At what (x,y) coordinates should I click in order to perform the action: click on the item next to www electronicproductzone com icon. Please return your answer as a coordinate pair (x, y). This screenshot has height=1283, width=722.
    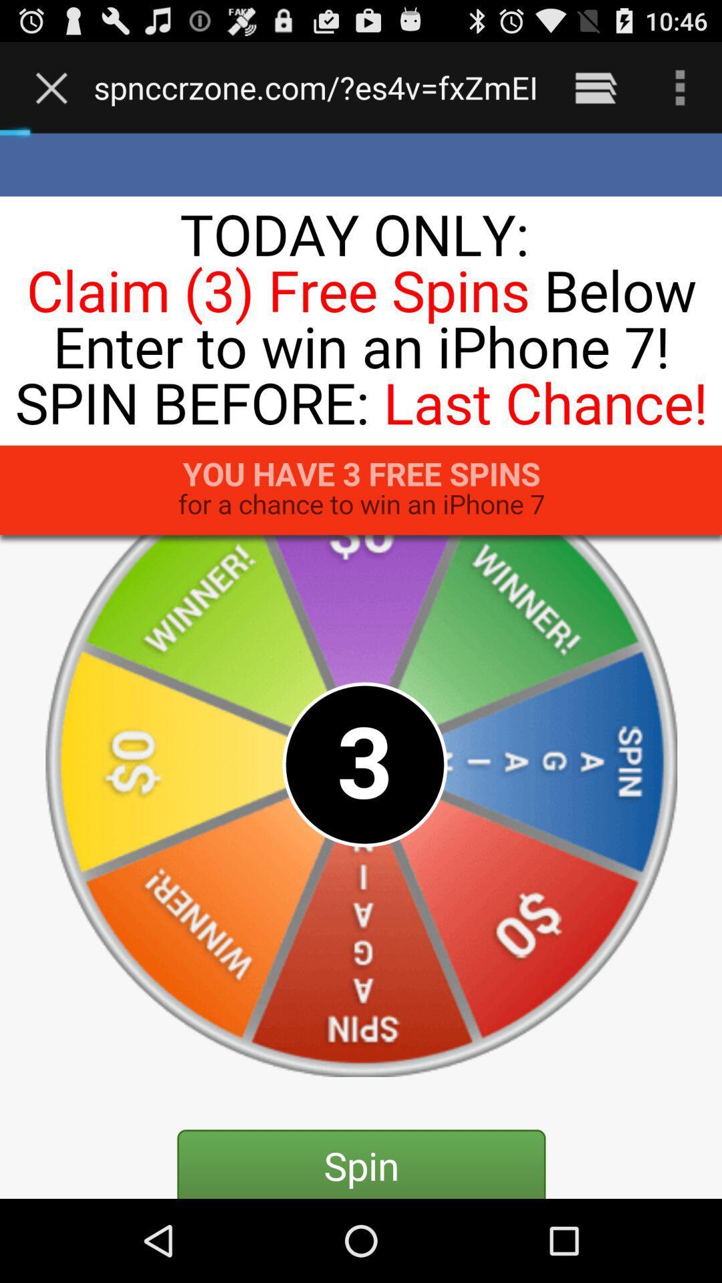
    Looking at the image, I should click on (54, 87).